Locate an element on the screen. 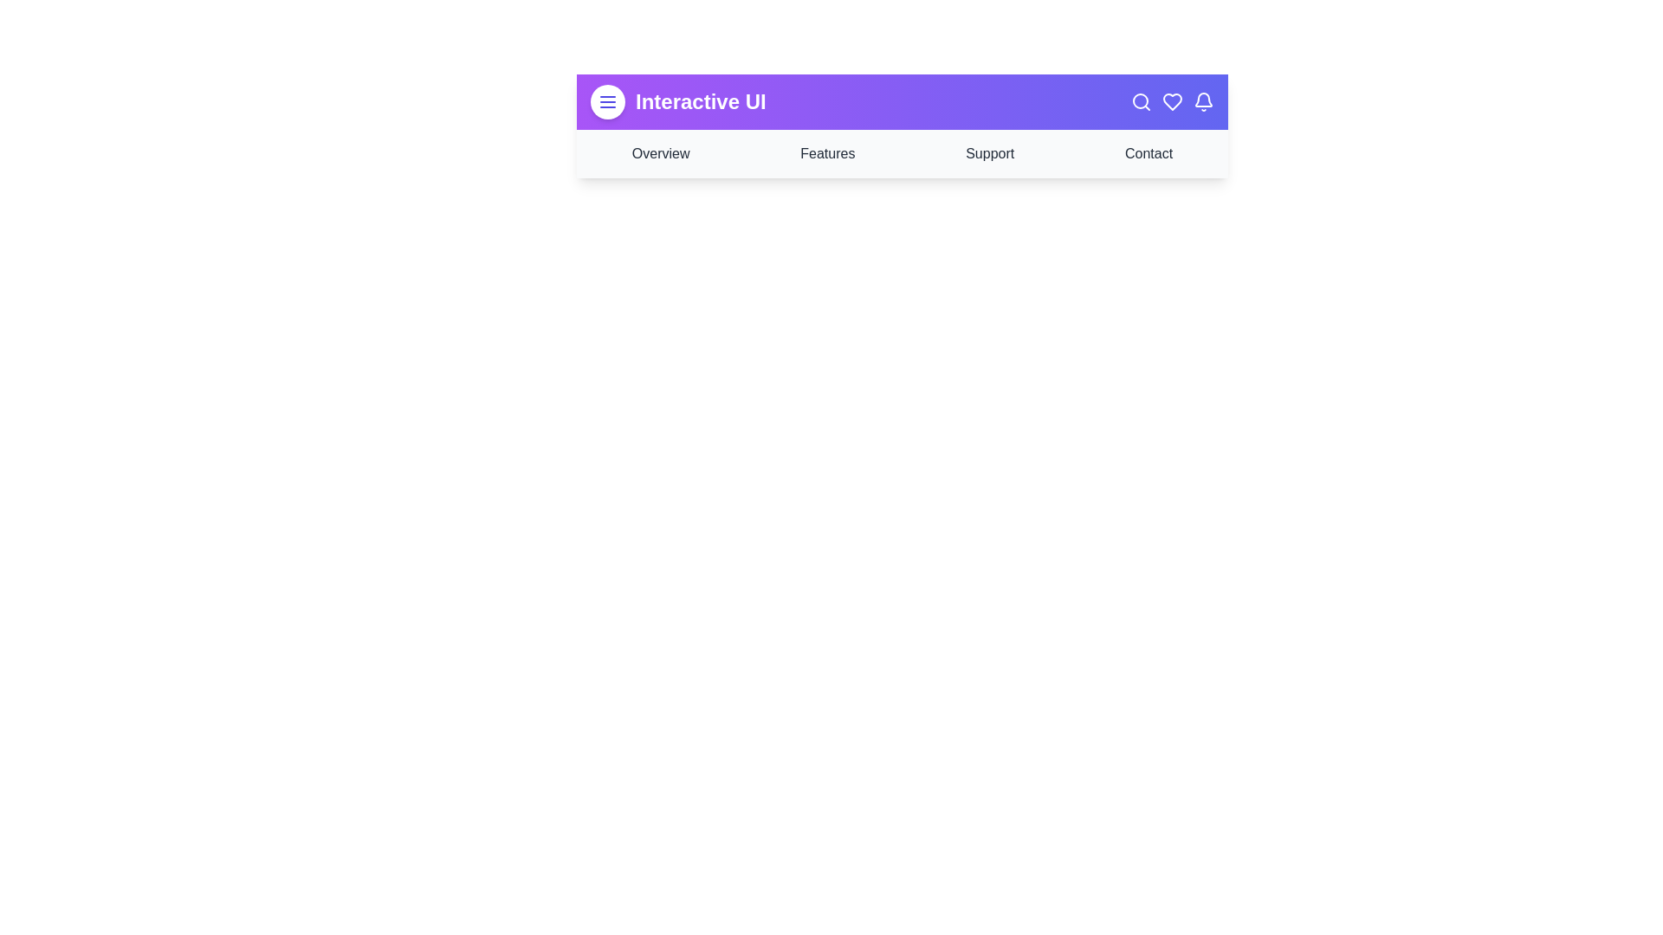 The width and height of the screenshot is (1663, 935). the navigation link corresponding to Support is located at coordinates (989, 152).